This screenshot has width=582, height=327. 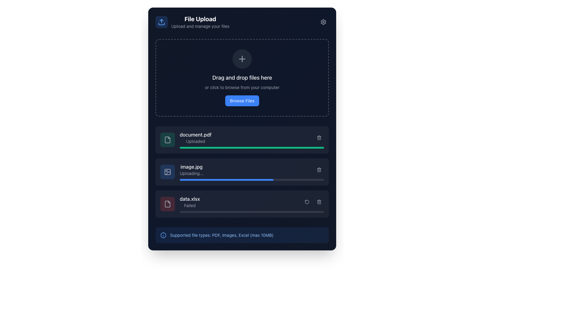 What do you see at coordinates (191, 170) in the screenshot?
I see `the label displaying the upload progress for 'image.jpg'` at bounding box center [191, 170].